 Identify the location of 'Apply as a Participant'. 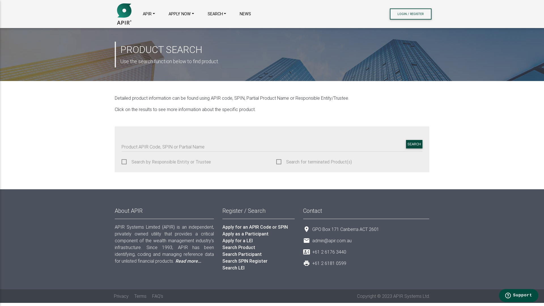
(258, 234).